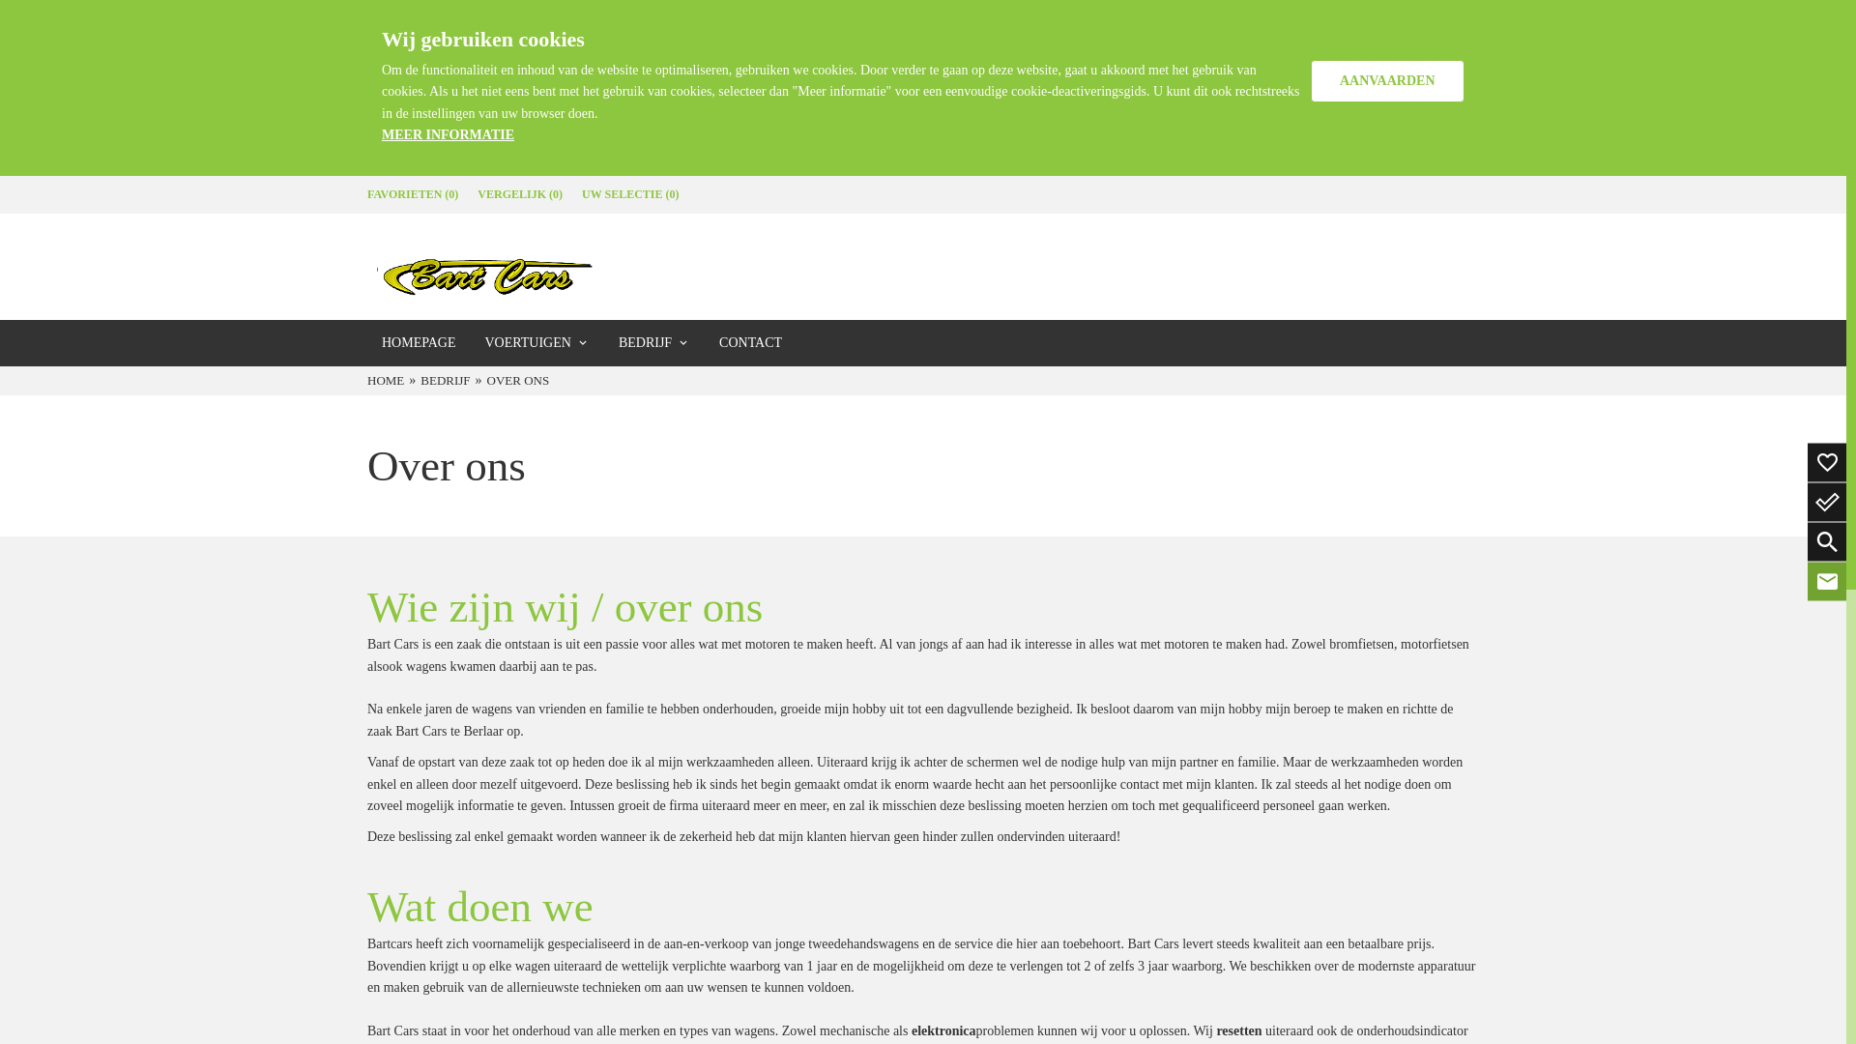 This screenshot has width=1856, height=1044. What do you see at coordinates (536, 341) in the screenshot?
I see `'VOERTUIGEN'` at bounding box center [536, 341].